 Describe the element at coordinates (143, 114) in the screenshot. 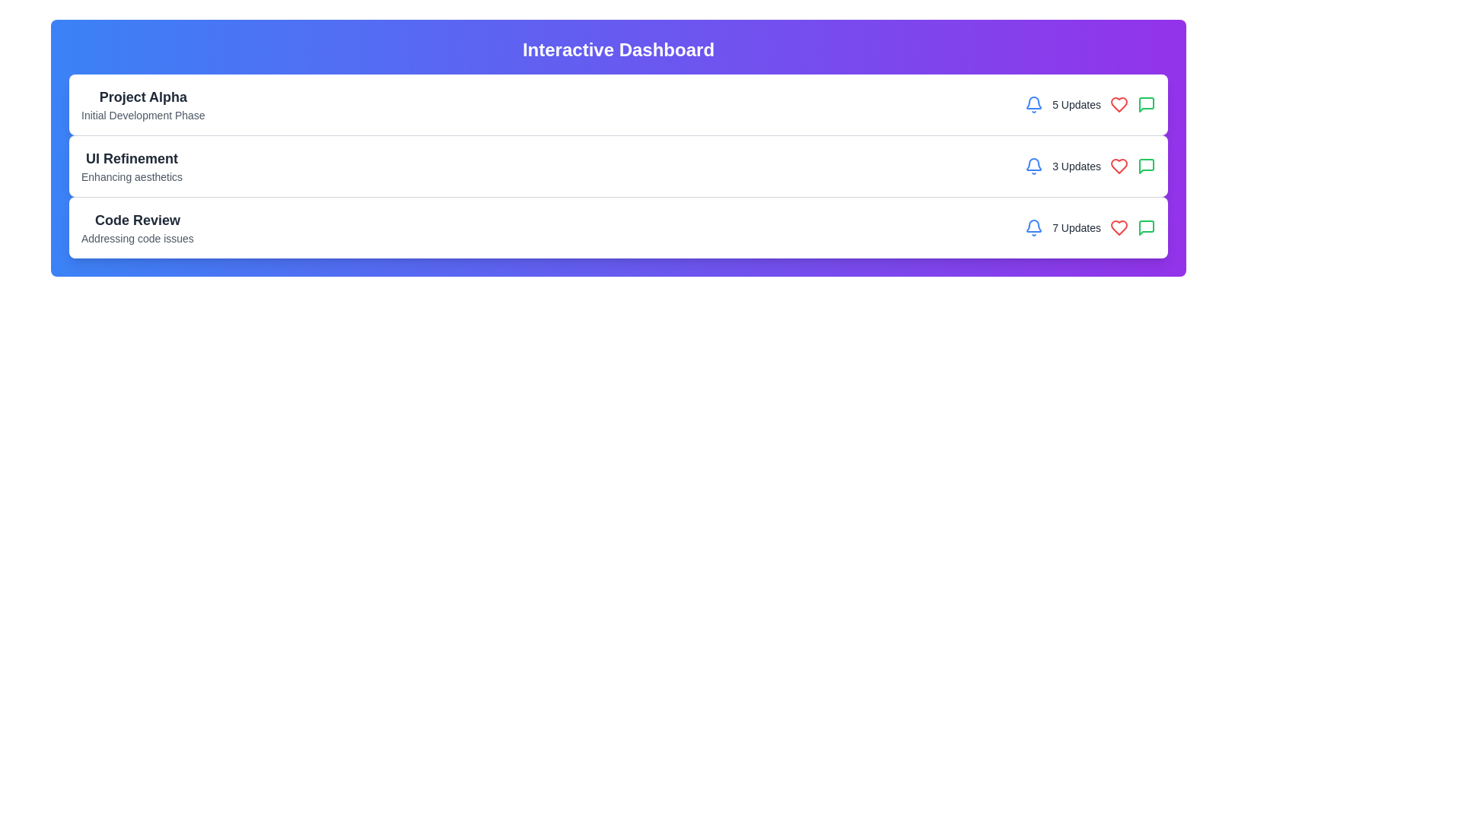

I see `the text label displaying 'Initial Development Phase', which is styled in small gray font beneath 'Project Alpha' in a list layout` at that location.